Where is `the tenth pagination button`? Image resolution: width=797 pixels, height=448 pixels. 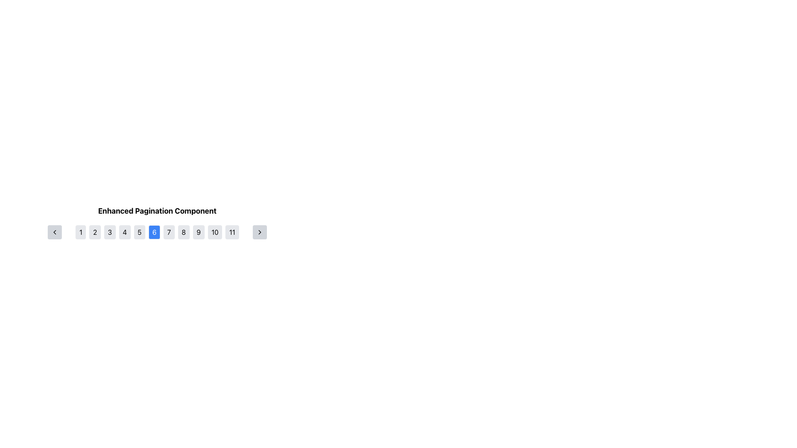 the tenth pagination button is located at coordinates (215, 232).